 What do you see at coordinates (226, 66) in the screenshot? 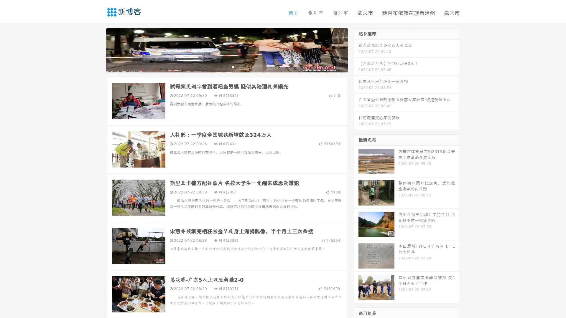
I see `Go to slide 2` at bounding box center [226, 66].